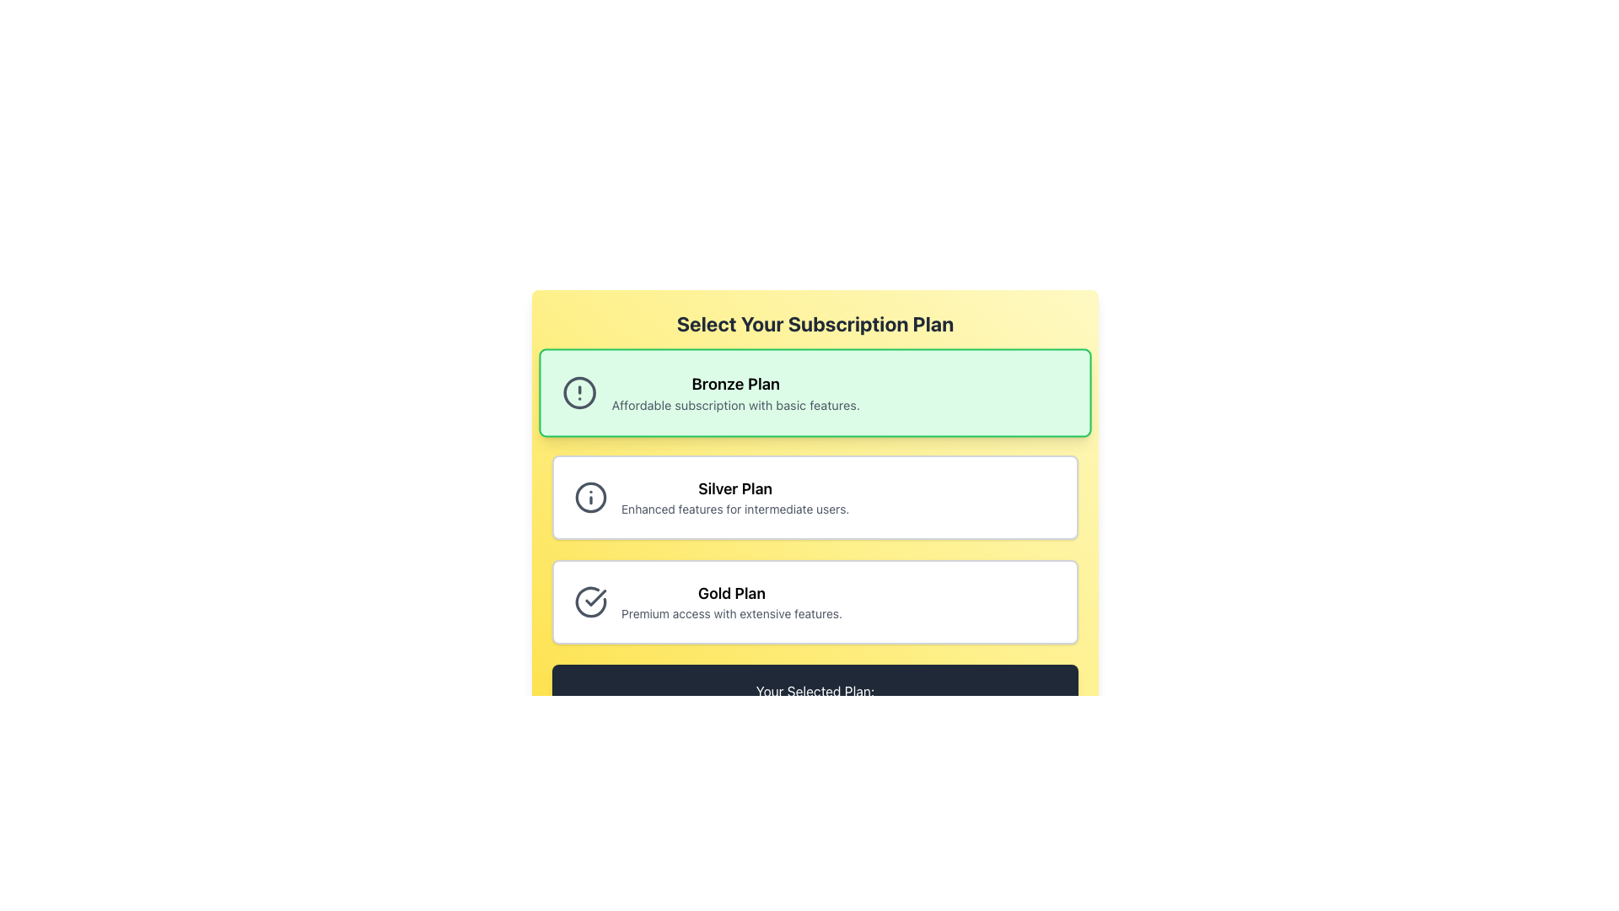  I want to click on the title text for the intermediate-level subscription plan, which is positioned in the second card of subscription options, so click(735, 488).